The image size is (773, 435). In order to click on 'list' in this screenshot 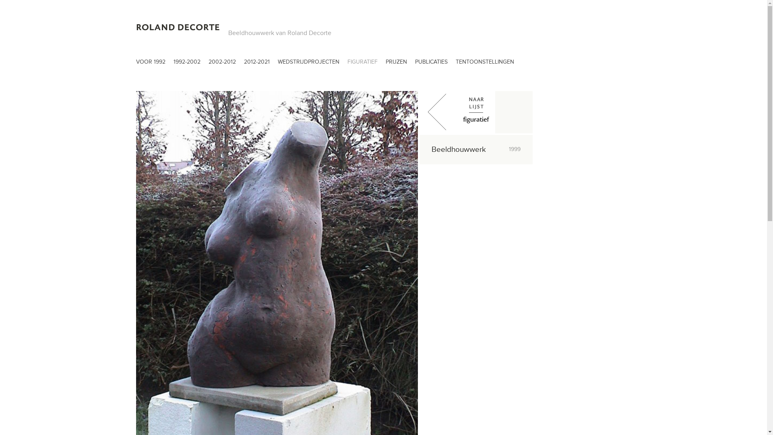, I will do `click(476, 112)`.